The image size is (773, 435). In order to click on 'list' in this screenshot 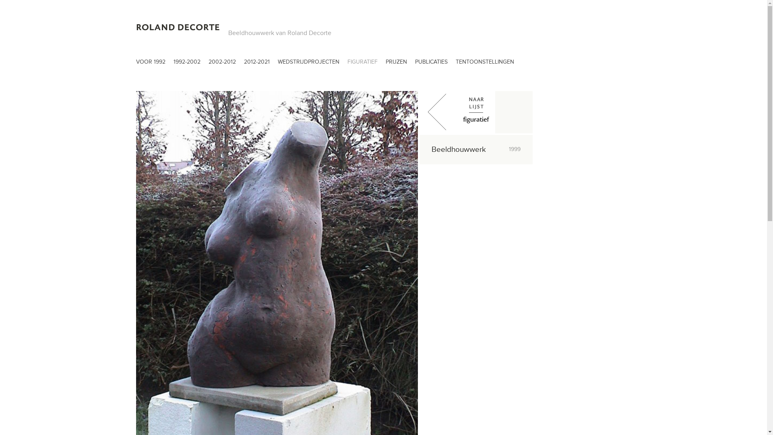, I will do `click(476, 112)`.